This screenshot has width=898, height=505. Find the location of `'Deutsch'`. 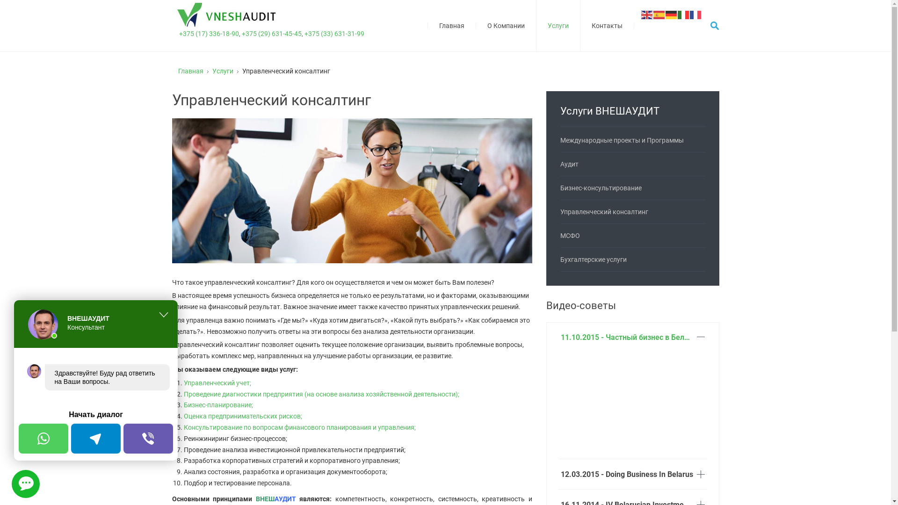

'Deutsch' is located at coordinates (671, 14).